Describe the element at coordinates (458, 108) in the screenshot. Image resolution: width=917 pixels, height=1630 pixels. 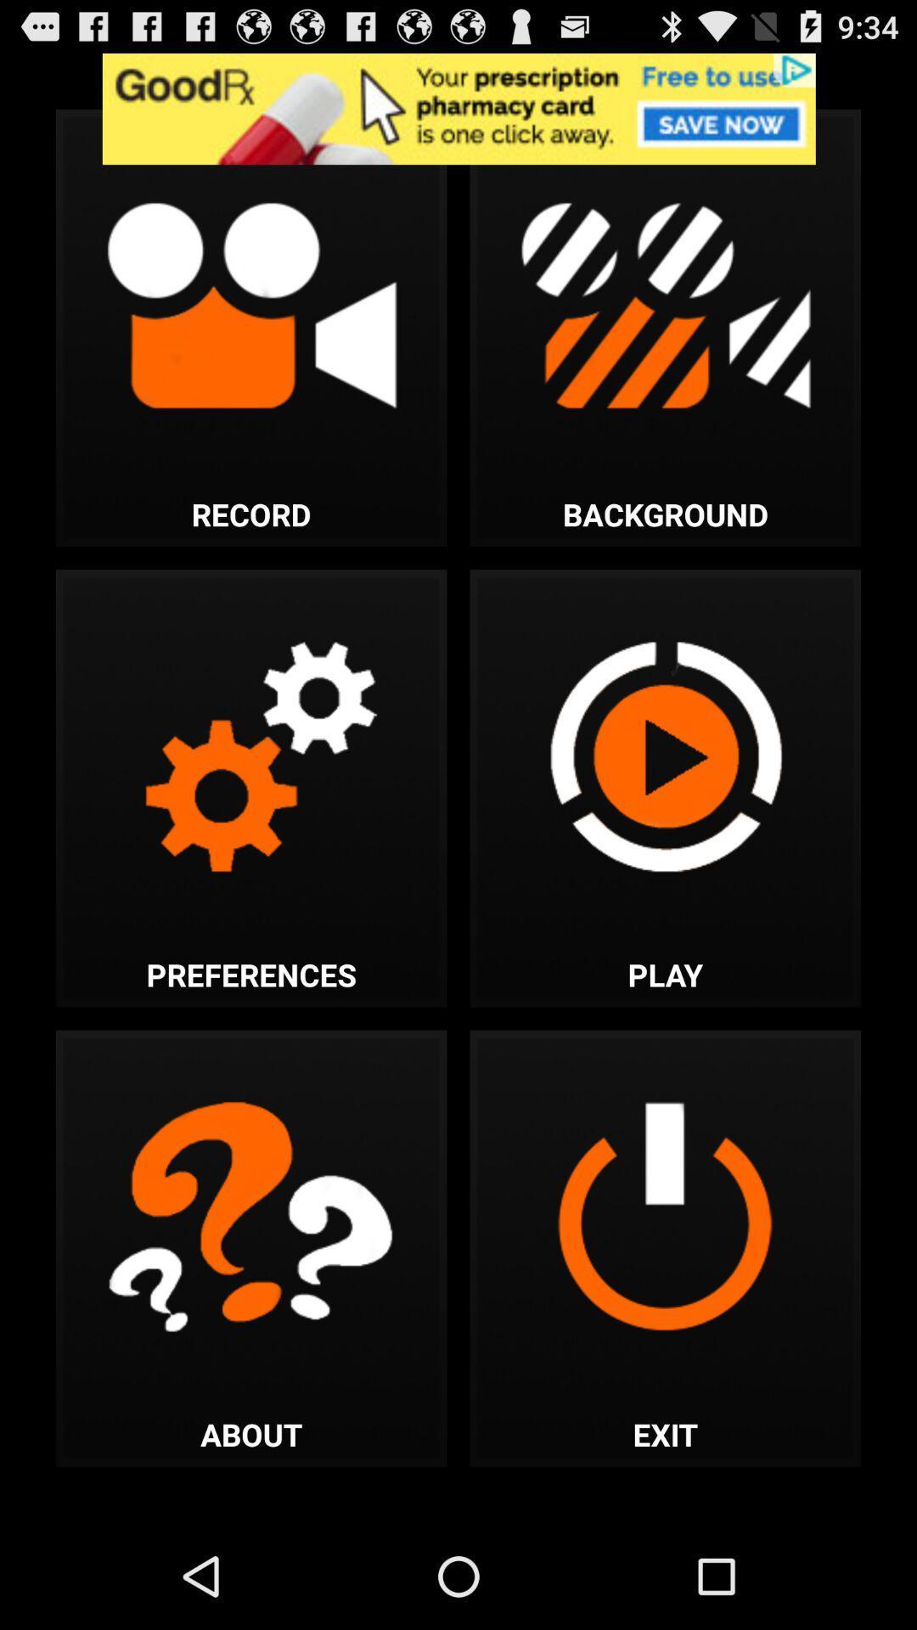
I see `open advertisement` at that location.